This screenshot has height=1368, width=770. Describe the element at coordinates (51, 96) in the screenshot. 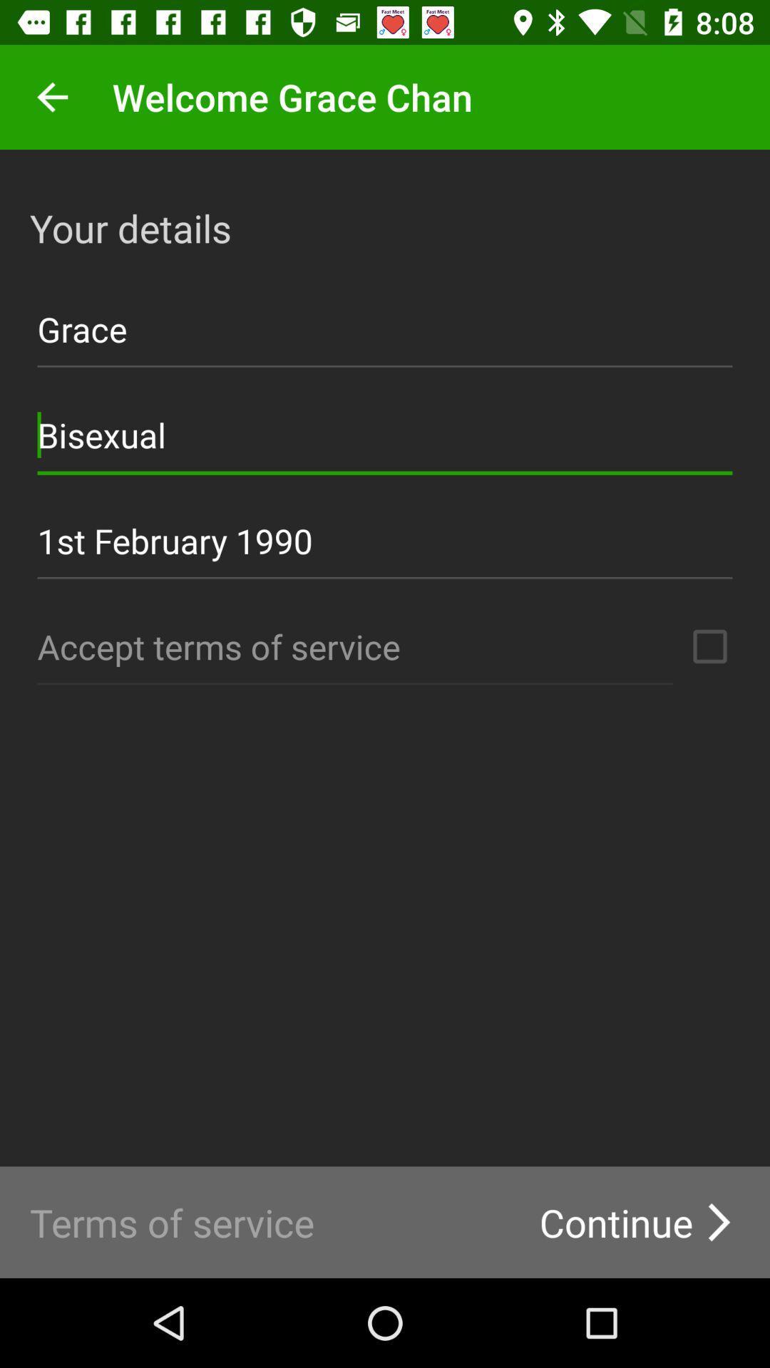

I see `previous app menu` at that location.